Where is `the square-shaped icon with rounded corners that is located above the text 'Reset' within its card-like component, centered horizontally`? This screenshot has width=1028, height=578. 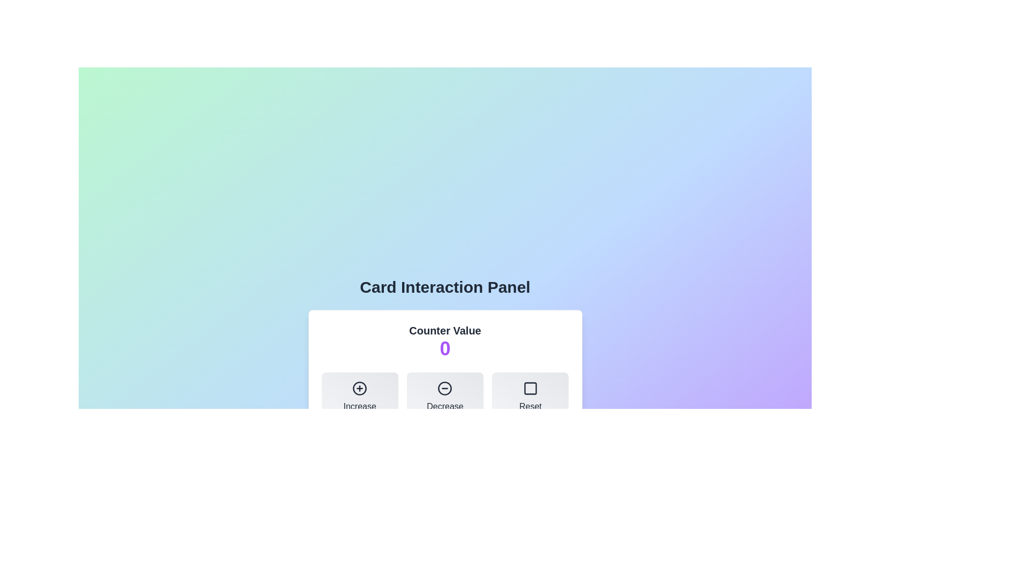
the square-shaped icon with rounded corners that is located above the text 'Reset' within its card-like component, centered horizontally is located at coordinates (530, 388).